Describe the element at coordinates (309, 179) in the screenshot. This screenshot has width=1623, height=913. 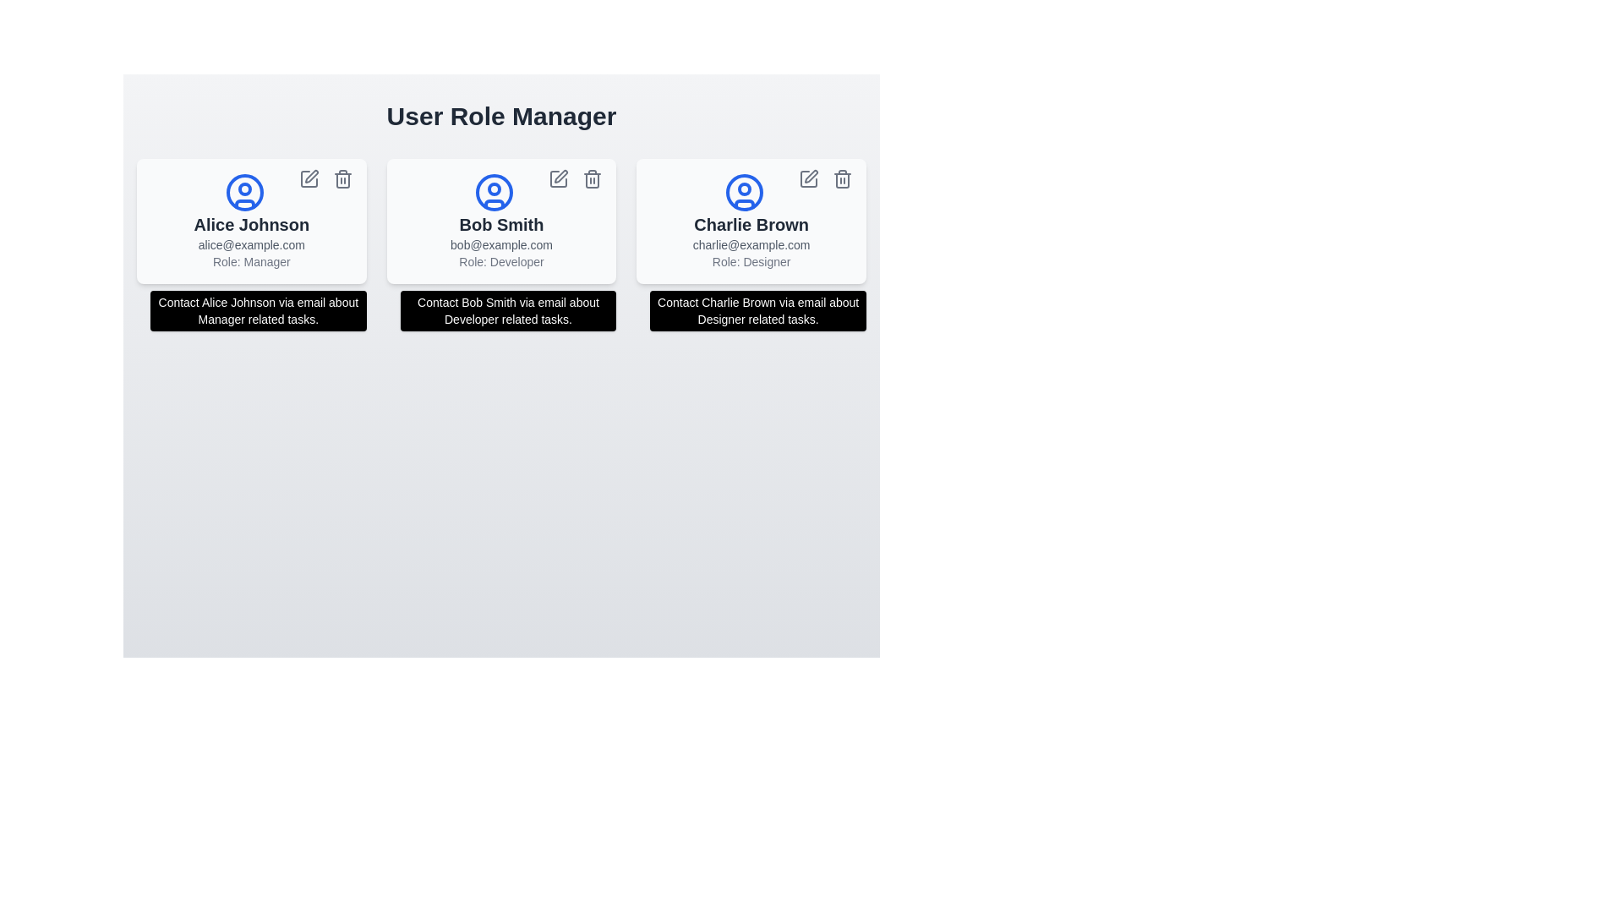
I see `the Icon button located in the top-right corner of the card for 'Alice Johnson'` at that location.